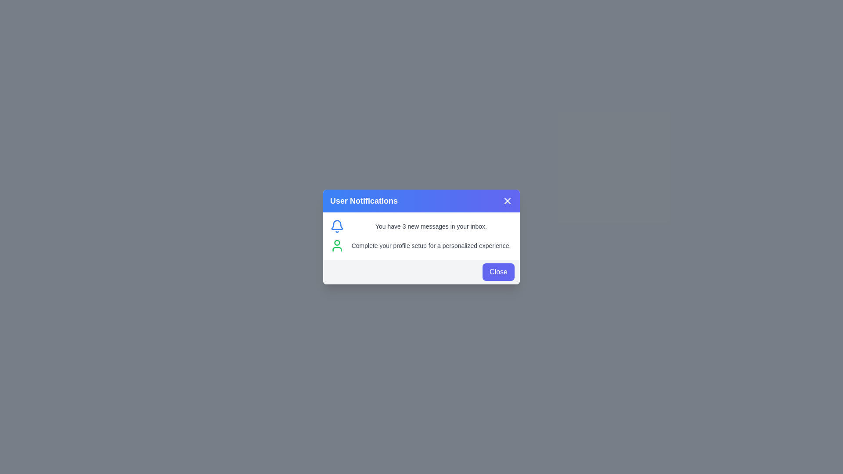 This screenshot has width=843, height=474. I want to click on the small green circular feature outlined in red within the user profile icon located in the notification dialog, so click(337, 242).